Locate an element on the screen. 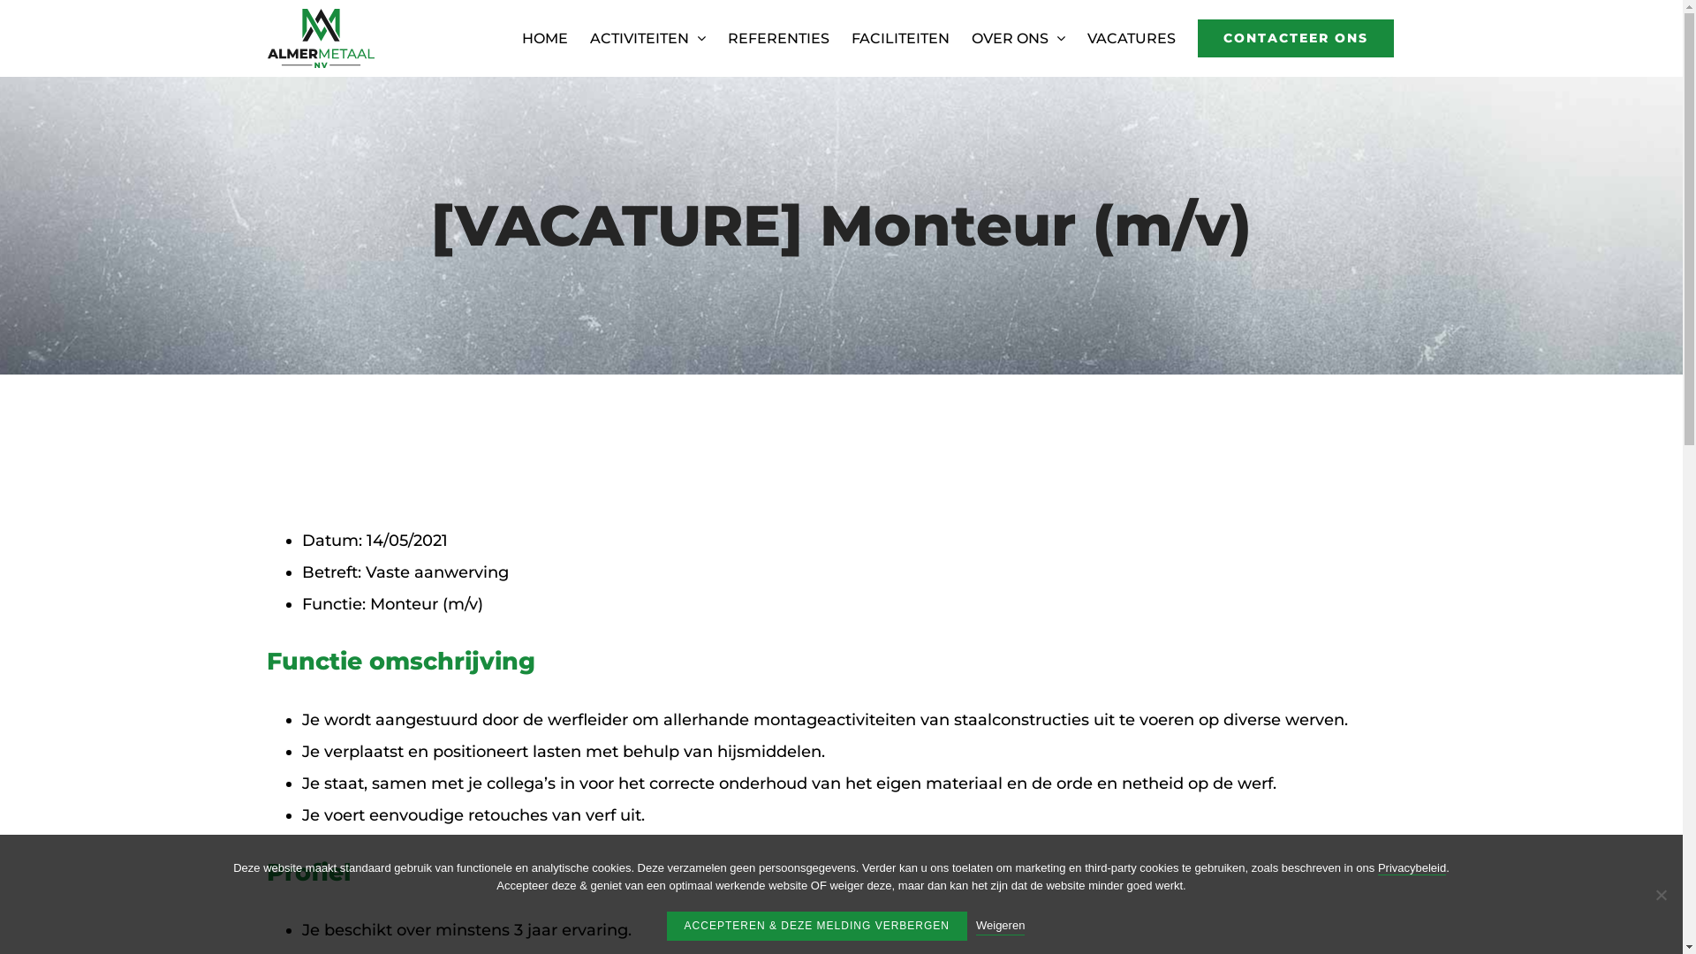  'VACATURES' is located at coordinates (1085, 38).